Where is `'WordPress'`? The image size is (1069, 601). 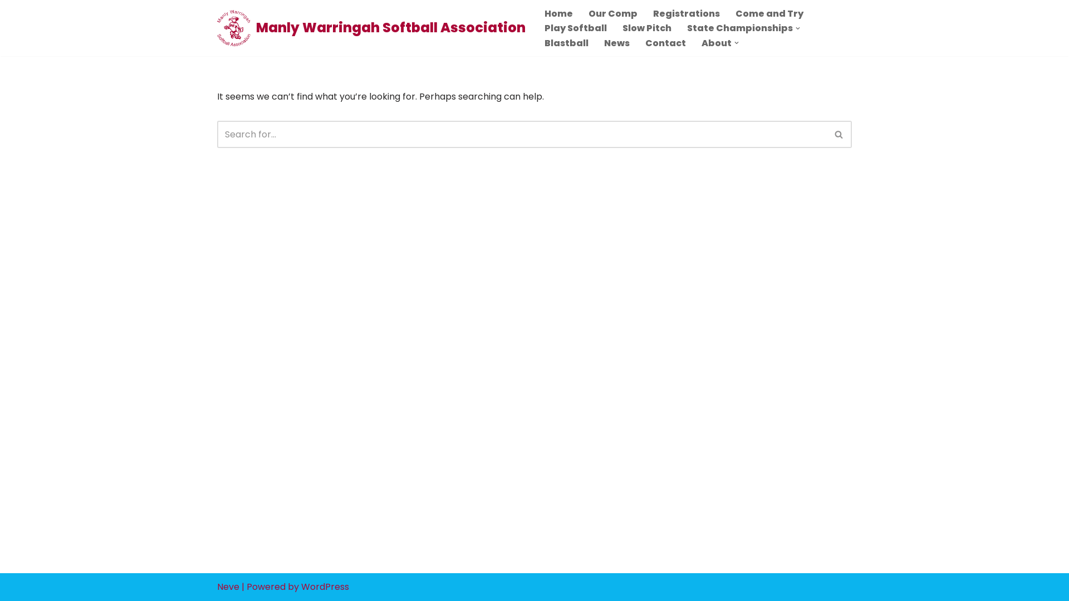
'WordPress' is located at coordinates (325, 586).